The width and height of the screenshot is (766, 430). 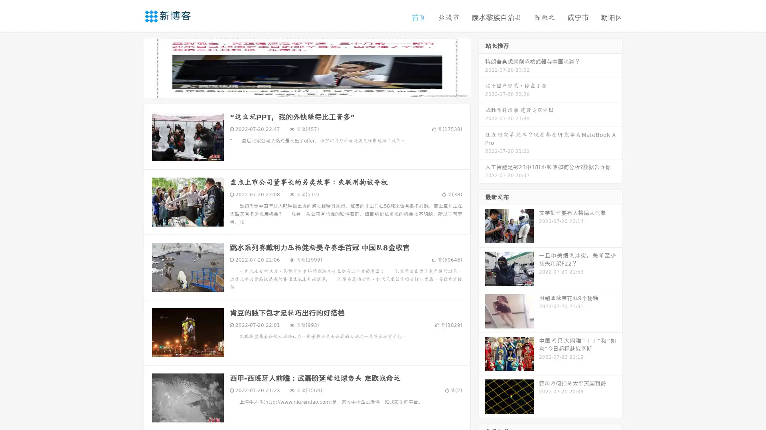 What do you see at coordinates (315, 90) in the screenshot?
I see `Go to slide 3` at bounding box center [315, 90].